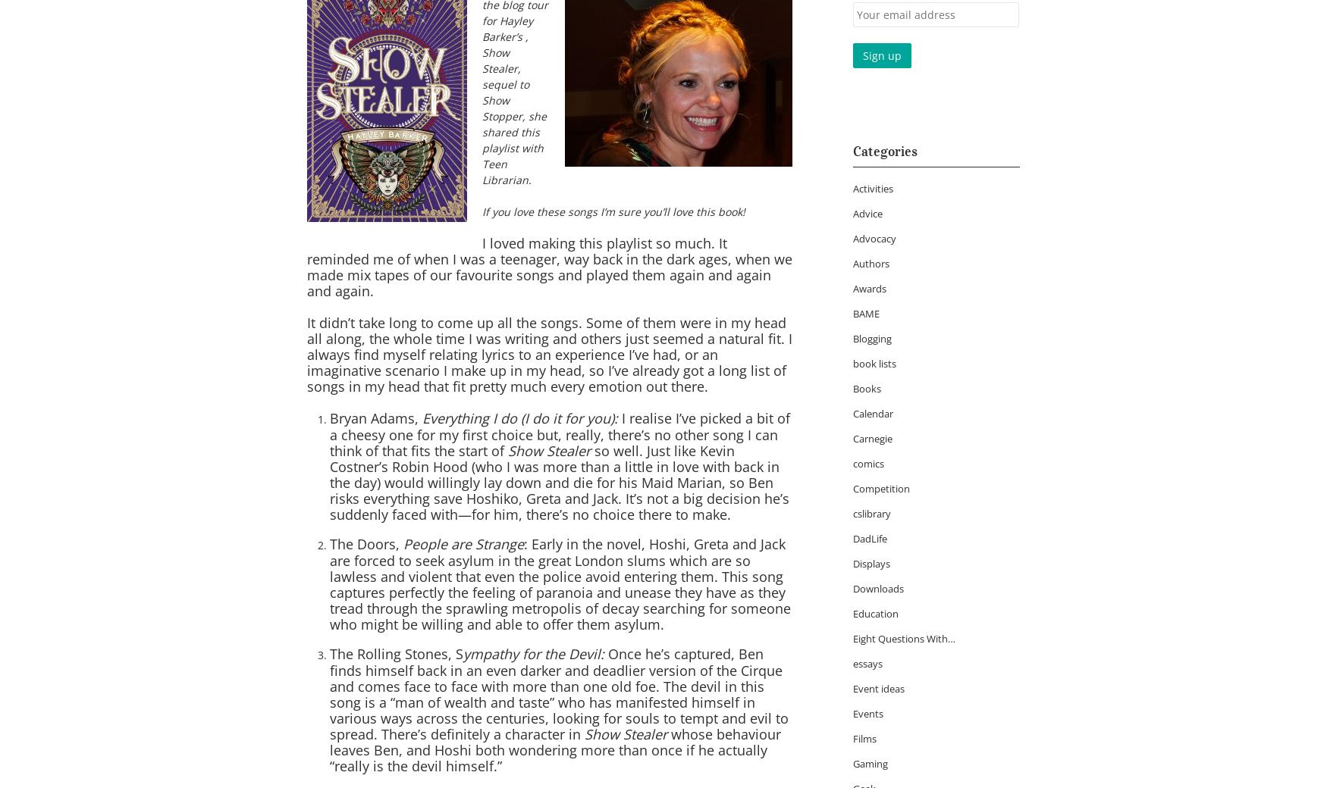 The image size is (1327, 788). I want to click on 'If you love these songs I’m sure you’ll love this book!', so click(481, 211).